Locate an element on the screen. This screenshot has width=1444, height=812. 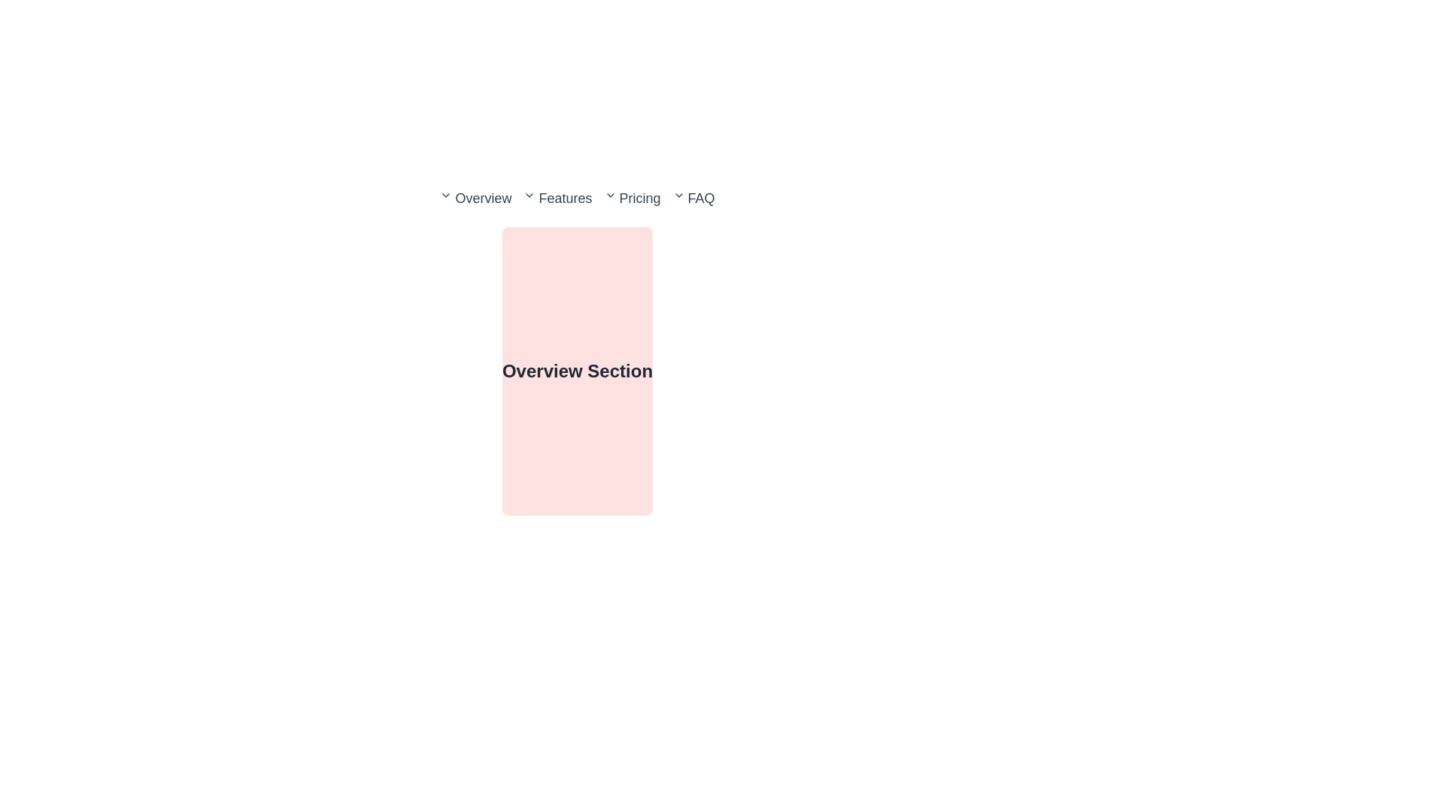
the Dropdown indicator icon located to the left of the 'Pricing' label is located at coordinates (610, 194).